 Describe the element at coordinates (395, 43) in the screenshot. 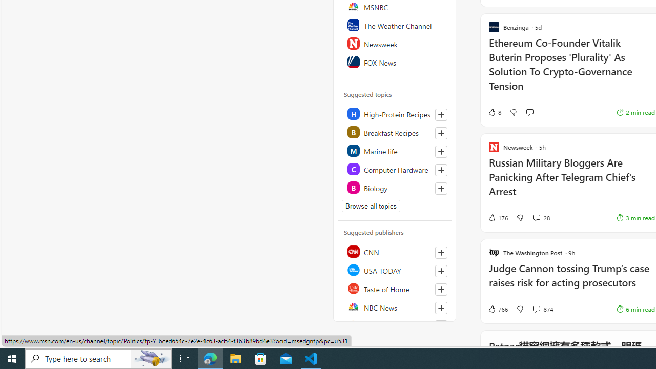

I see `'Newsweek'` at that location.